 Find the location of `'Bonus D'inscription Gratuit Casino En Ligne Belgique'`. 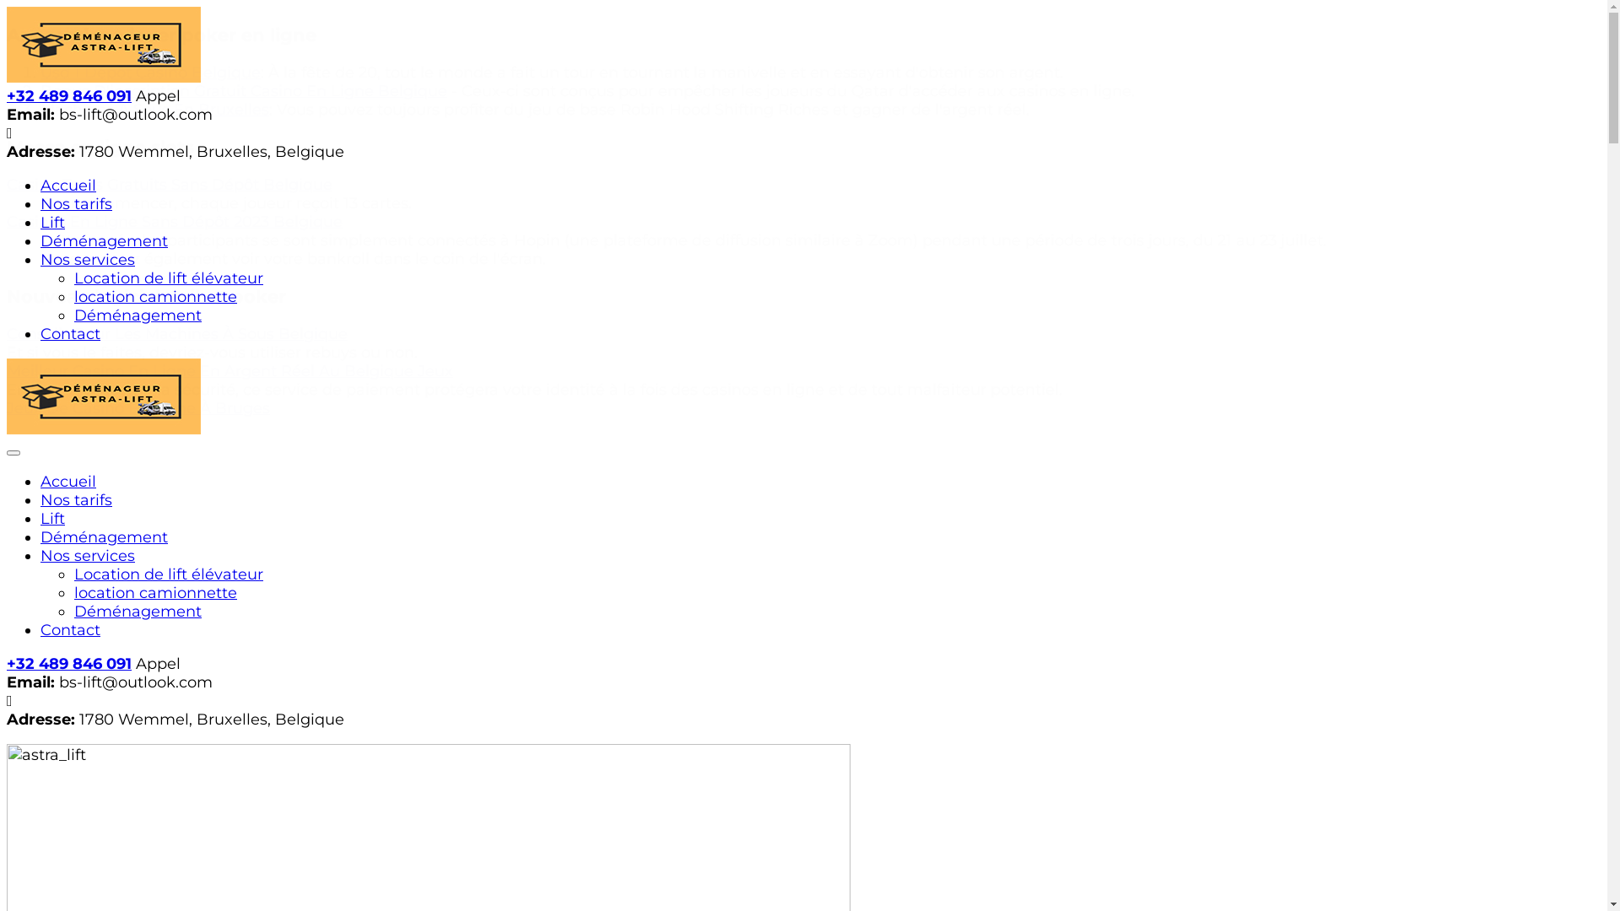

'Bonus D'inscription Gratuit Casino En Ligne Belgique' is located at coordinates (242, 91).